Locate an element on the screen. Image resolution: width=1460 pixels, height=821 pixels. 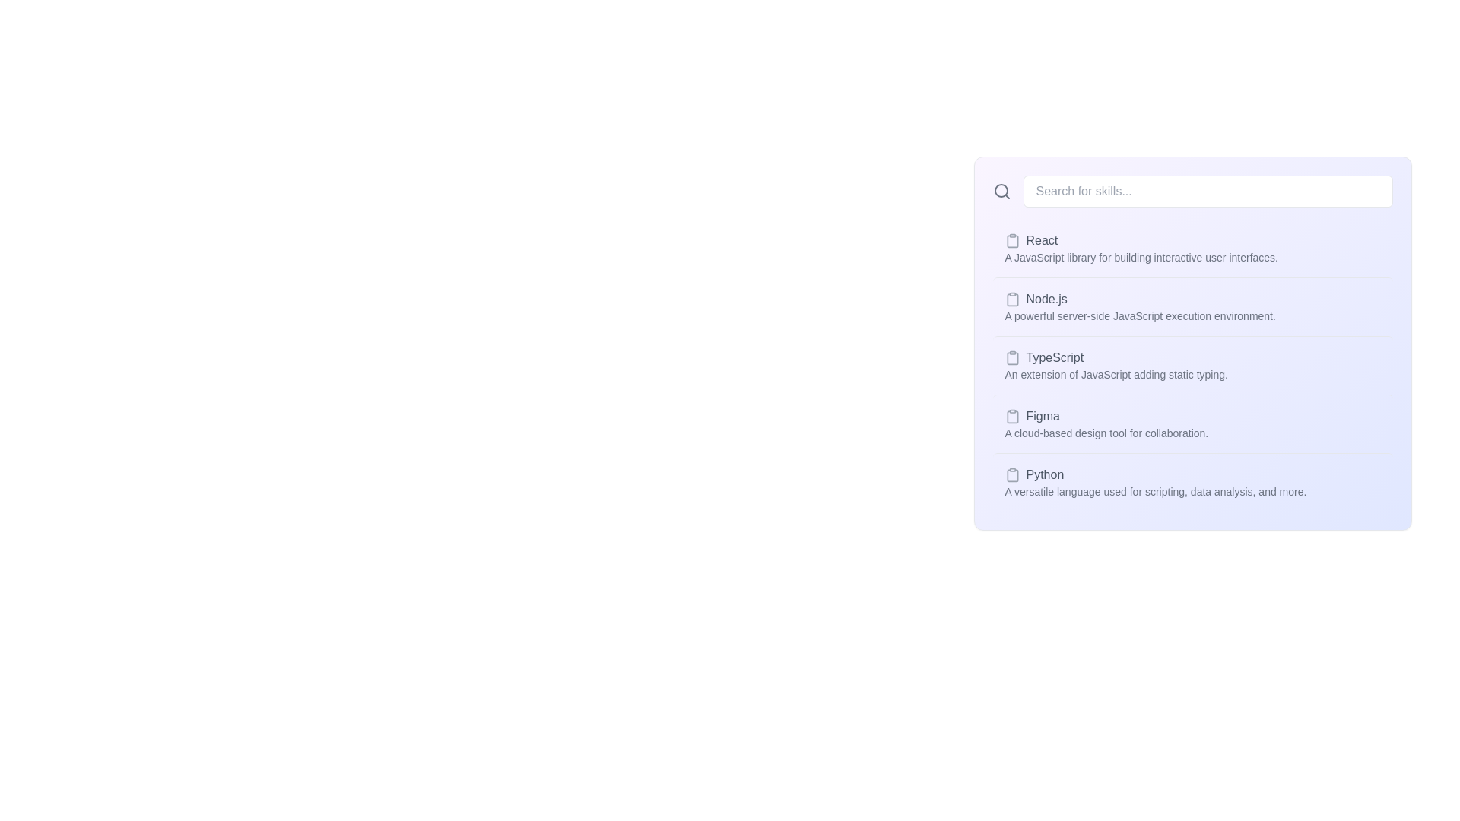
the list item containing the bold text 'Figma' and the description 'A cloud-based design tool for collaboration.' is located at coordinates (1192, 423).